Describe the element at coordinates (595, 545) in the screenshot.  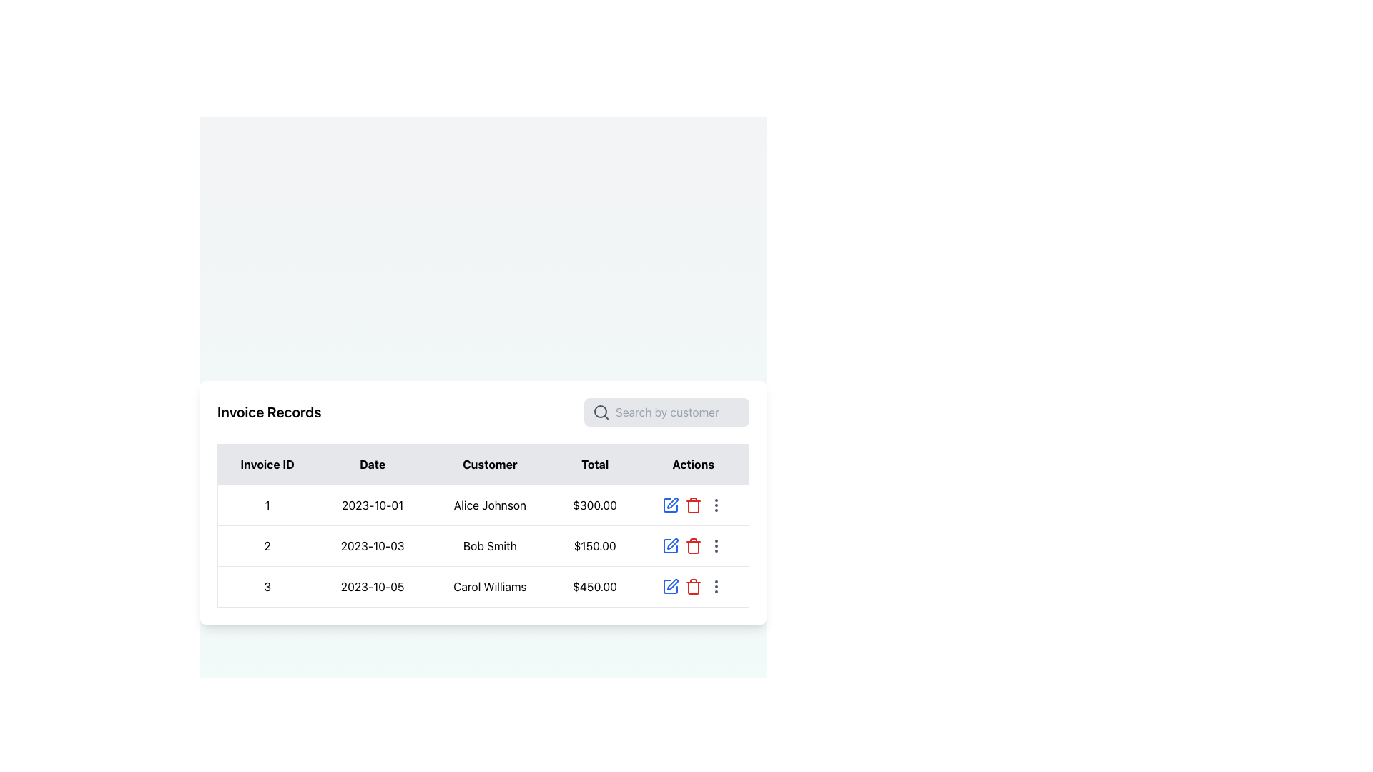
I see `the total amount label displaying $150.00 for Bob Smith's invoice located in the 'Total' column of the table` at that location.